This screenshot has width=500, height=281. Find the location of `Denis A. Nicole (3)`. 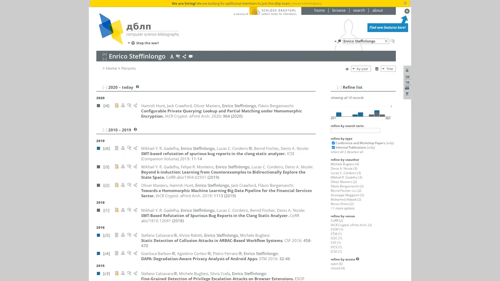

Denis A. Nicole (3) is located at coordinates (344, 168).